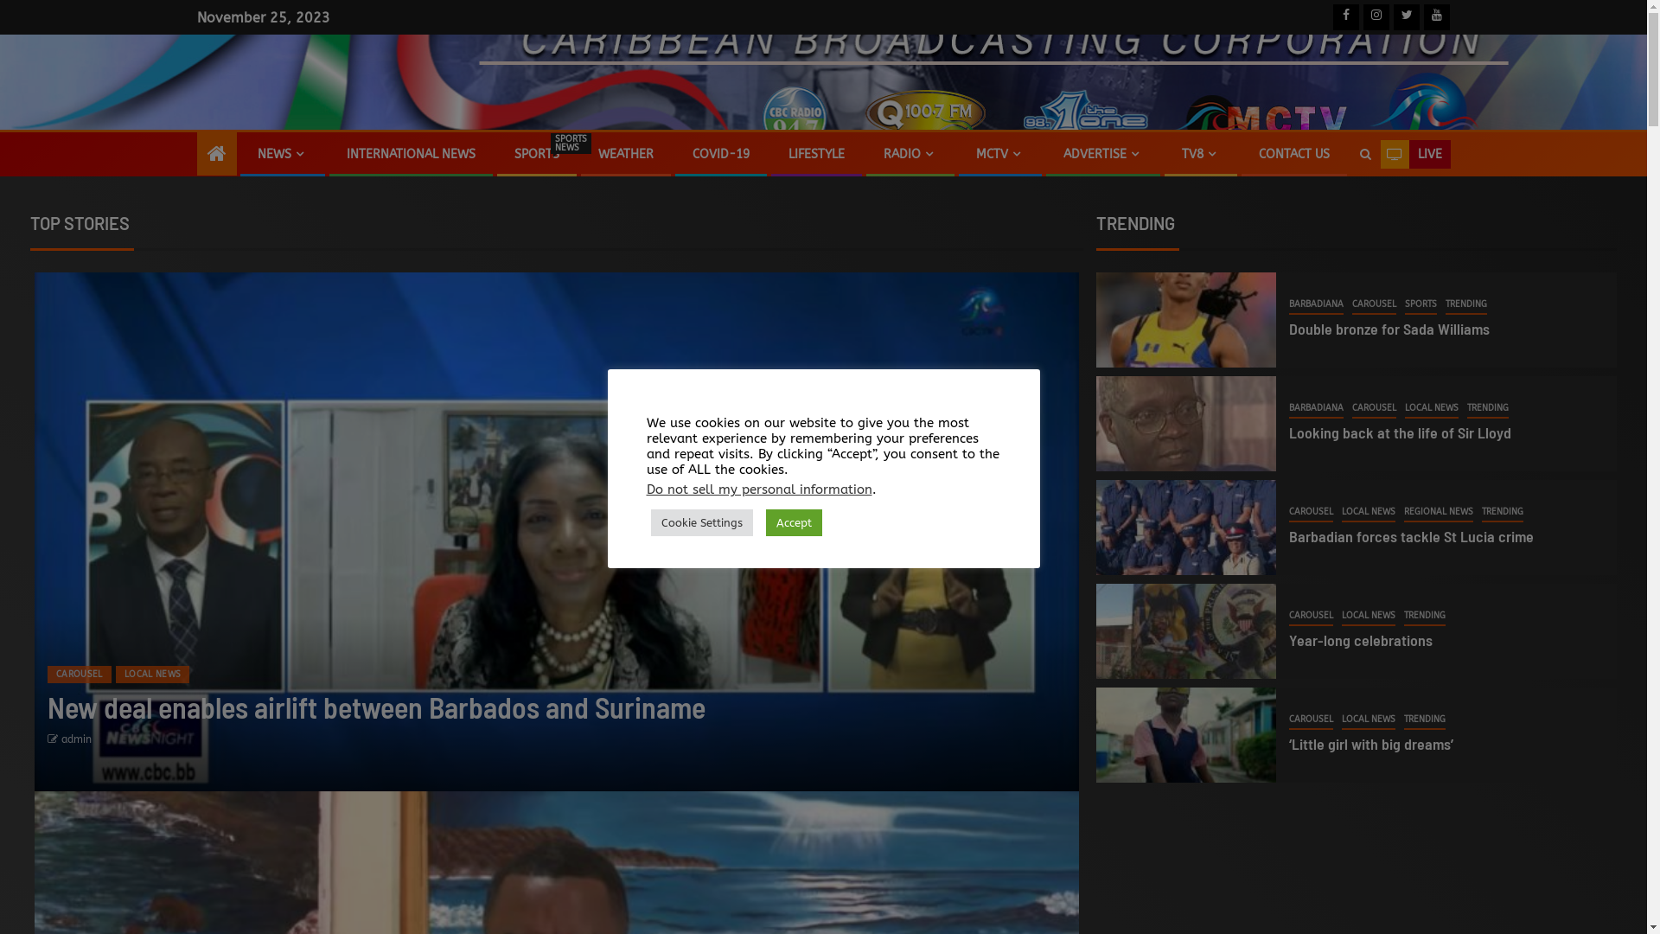  What do you see at coordinates (1405, 409) in the screenshot?
I see `'LOCAL NEWS'` at bounding box center [1405, 409].